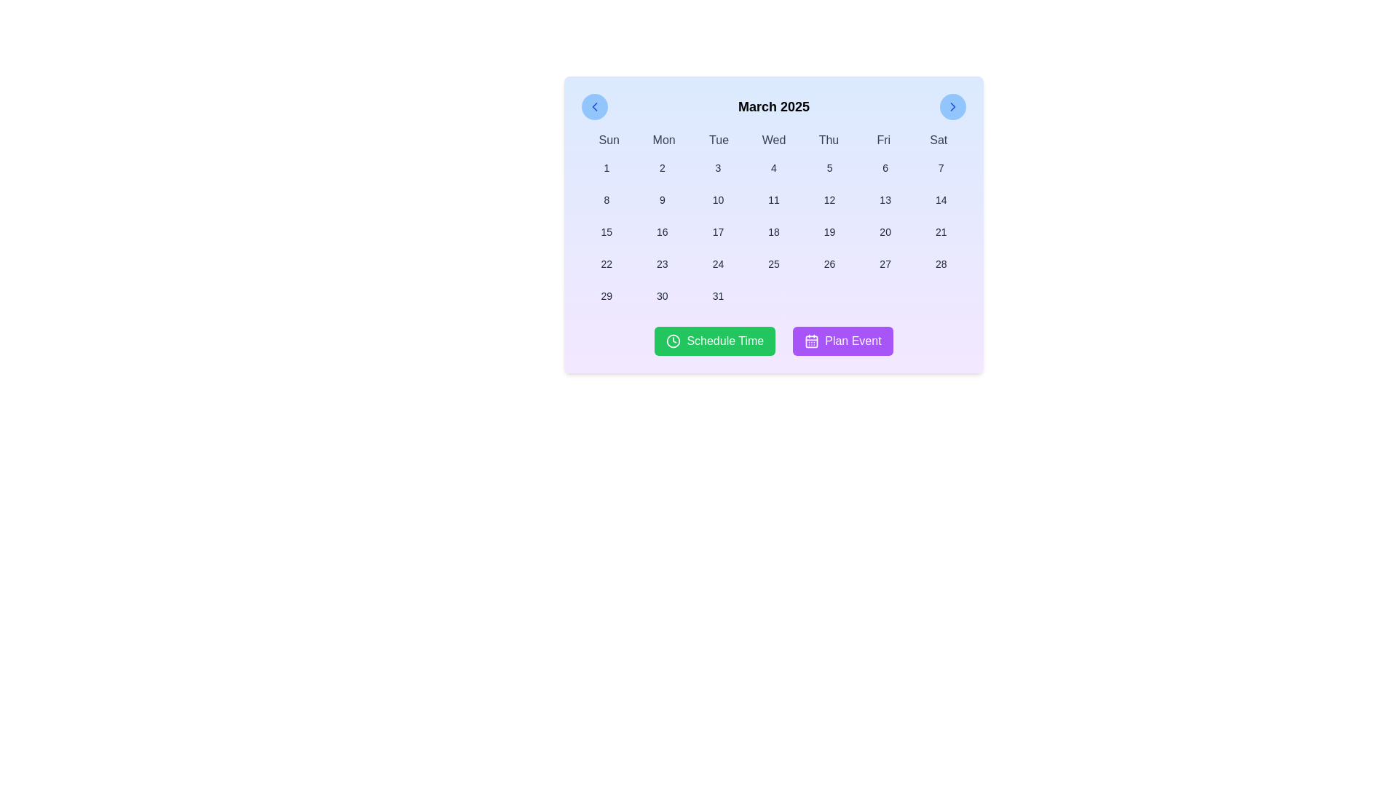 The image size is (1398, 786). What do you see at coordinates (953, 106) in the screenshot?
I see `the next month navigation button in the calendar header, located at the top-right corner, next to the month-year display` at bounding box center [953, 106].